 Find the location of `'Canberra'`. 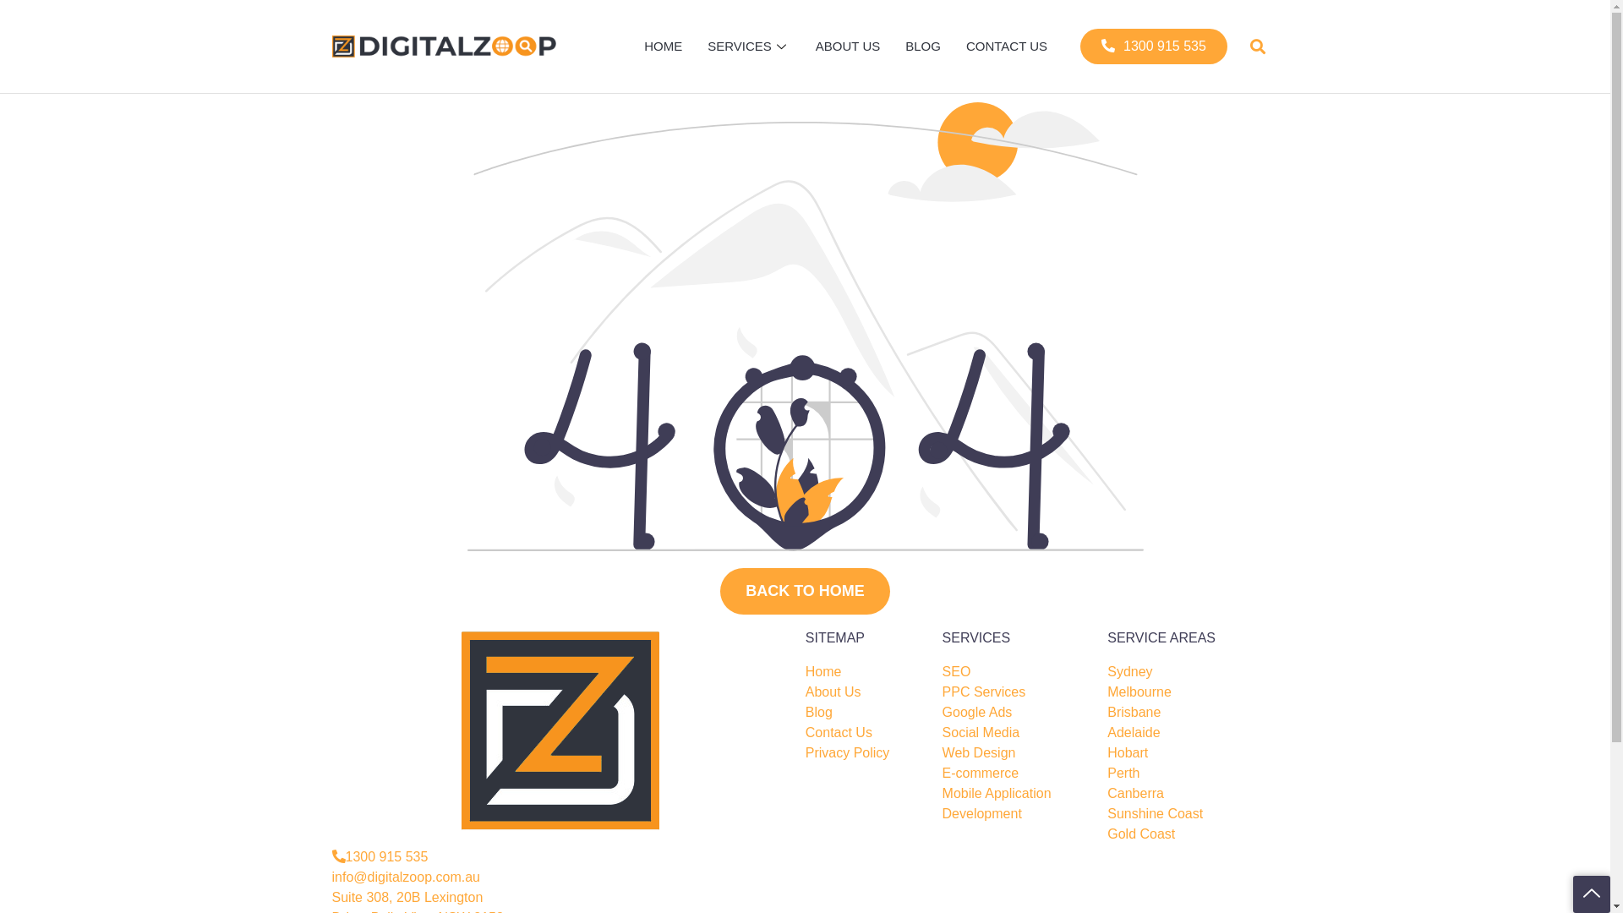

'Canberra' is located at coordinates (1135, 793).